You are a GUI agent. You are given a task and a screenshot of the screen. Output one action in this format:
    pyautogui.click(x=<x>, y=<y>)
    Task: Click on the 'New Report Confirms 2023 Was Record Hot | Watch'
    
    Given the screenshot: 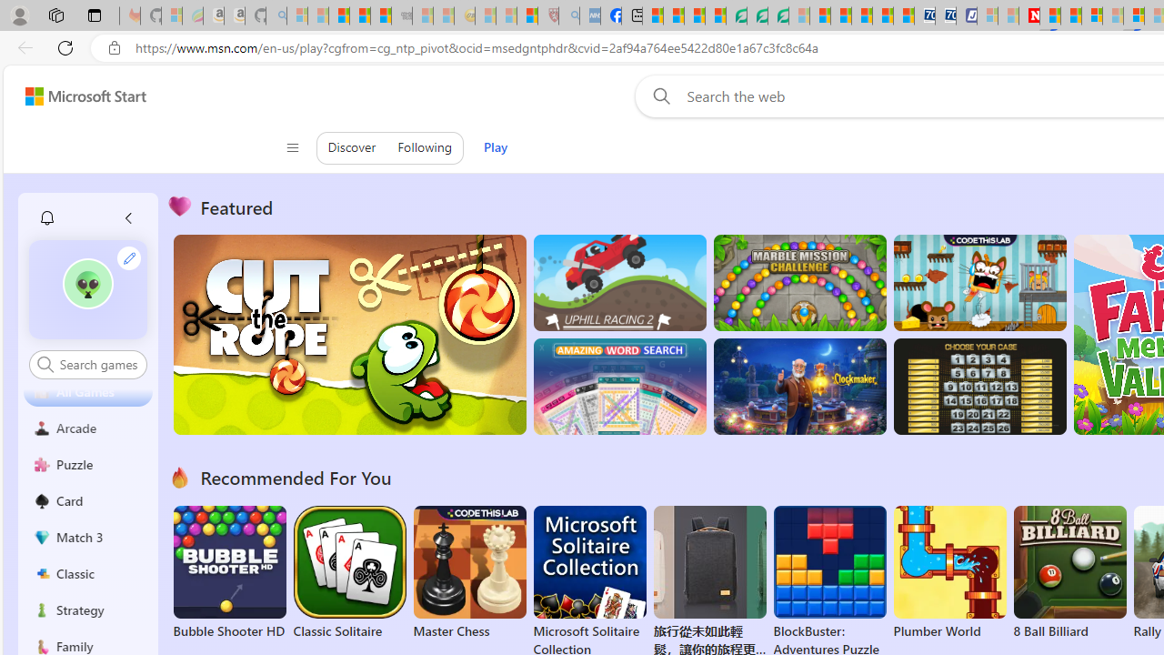 What is the action you would take?
    pyautogui.click(x=380, y=15)
    